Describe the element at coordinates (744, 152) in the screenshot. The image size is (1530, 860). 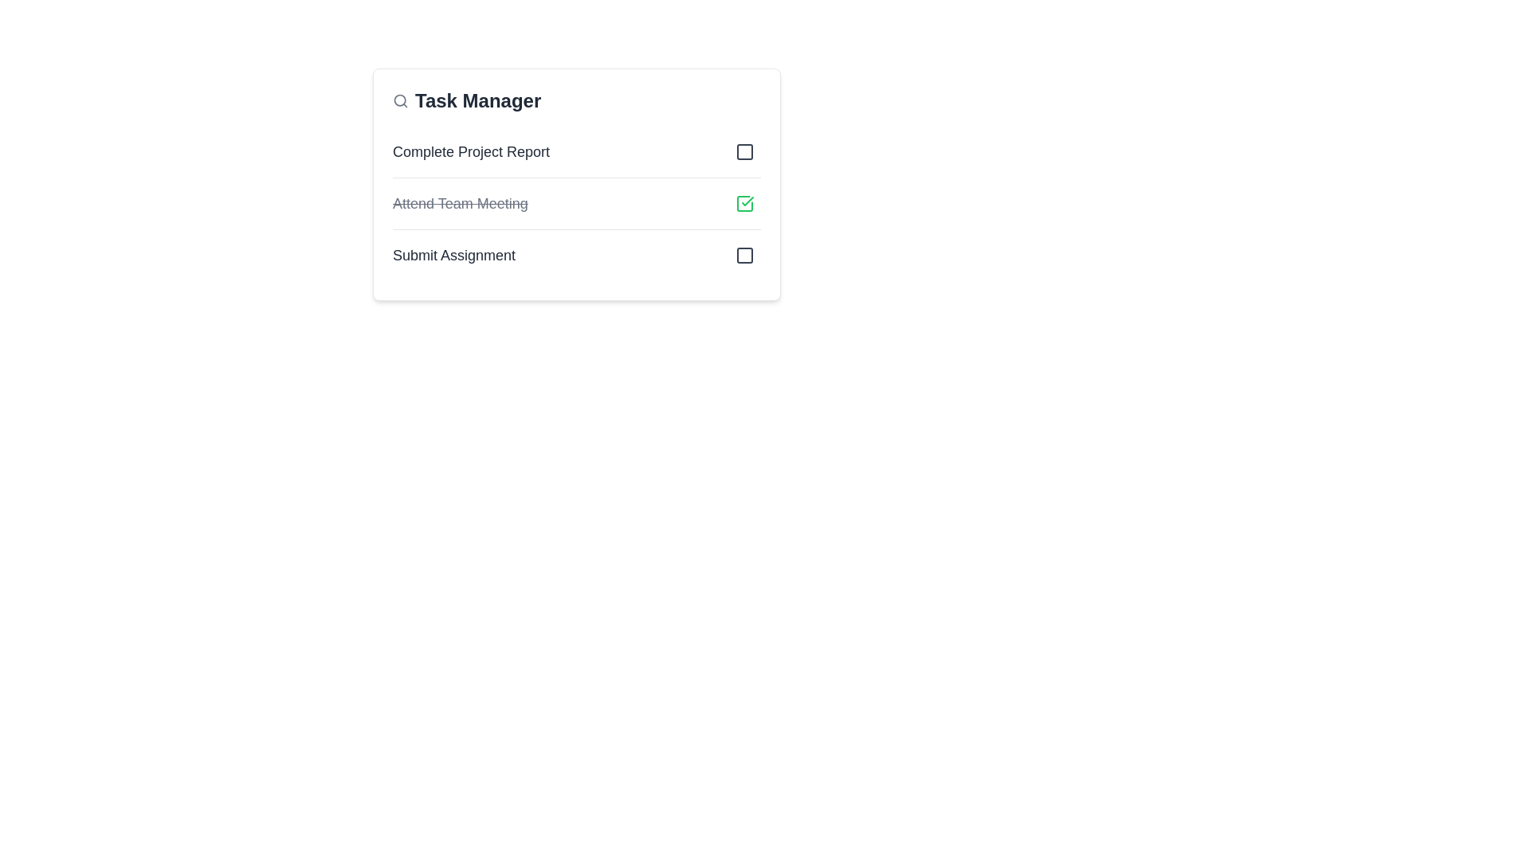
I see `the red-bordered button located at the far right end of the first item in the vertical task list` at that location.